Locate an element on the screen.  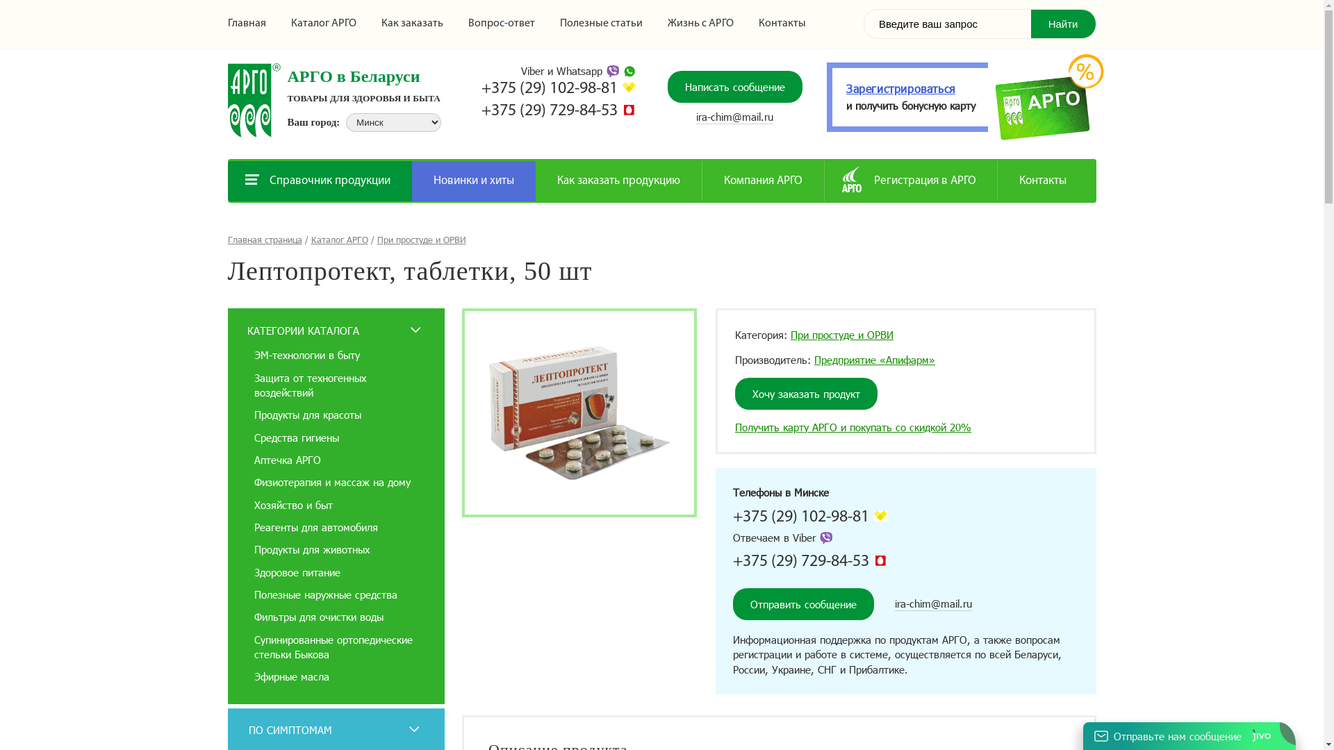
'ira-chim@mail.ru' is located at coordinates (696, 116).